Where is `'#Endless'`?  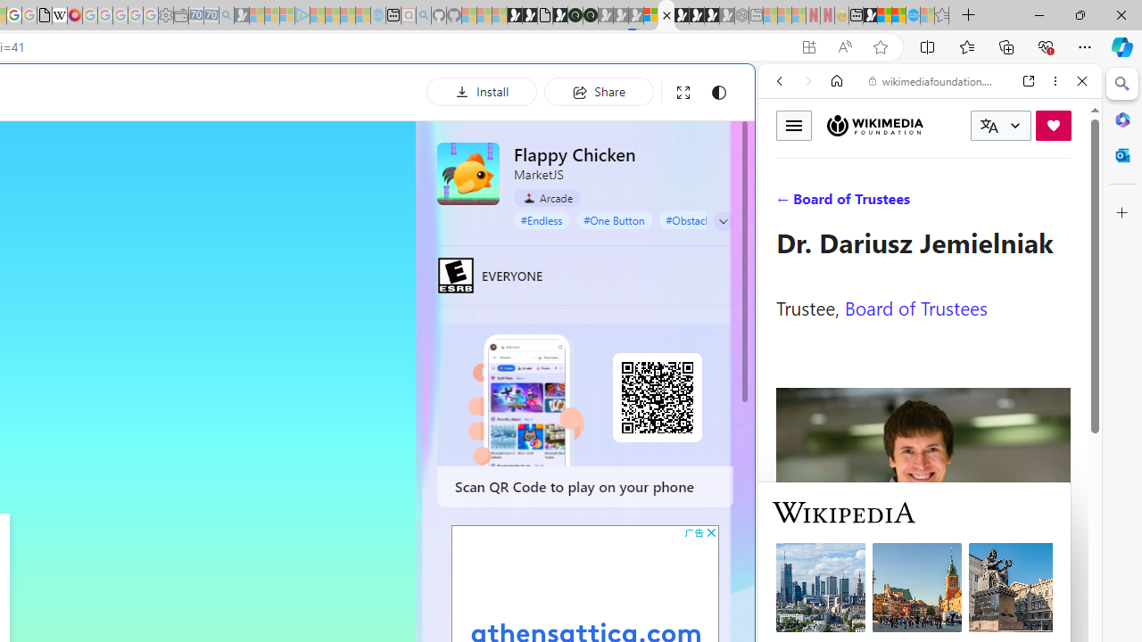 '#Endless' is located at coordinates (541, 218).